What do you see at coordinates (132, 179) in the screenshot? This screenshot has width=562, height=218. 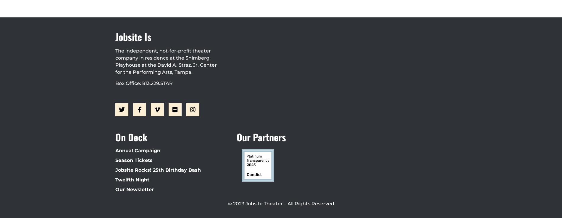 I see `'Twelfth Night'` at bounding box center [132, 179].